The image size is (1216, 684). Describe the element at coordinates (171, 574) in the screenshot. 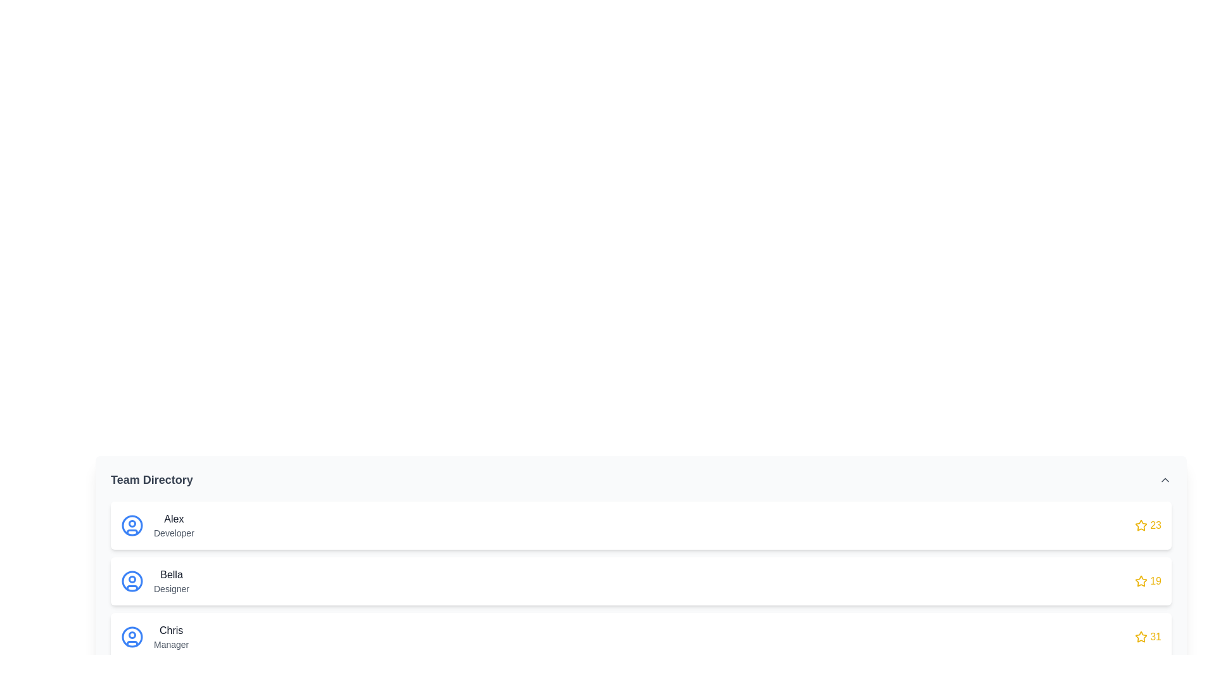

I see `text from the label displaying 'Bella', which is located above the descriptive text 'Designer' in the second entry of the team directory list` at that location.